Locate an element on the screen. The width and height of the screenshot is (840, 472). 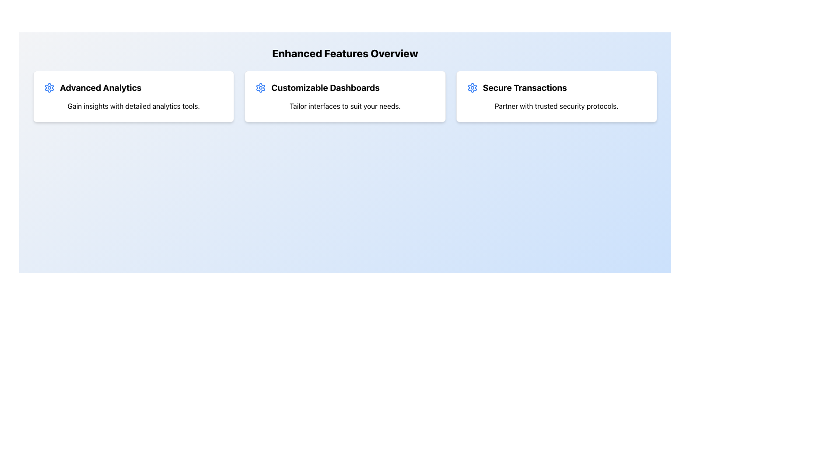
the 'Secure Transactions' text and gear icon group located at the top of the third feature card on the right is located at coordinates (556, 87).